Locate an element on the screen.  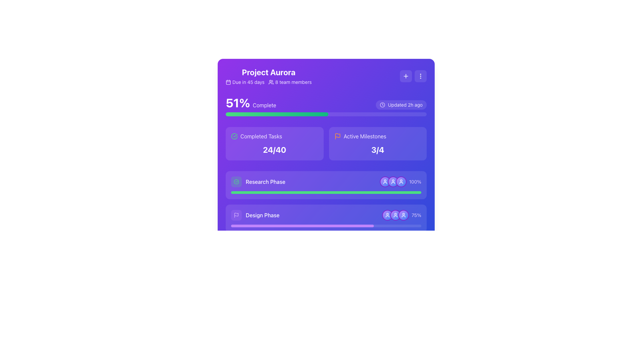
the progress bar, which is a thin rounded bar with a gradient fill transitioning from green to emerald, located beneath the '51%' label and above the text 'Complete' and 'Updated 2h ago' is located at coordinates (326, 114).